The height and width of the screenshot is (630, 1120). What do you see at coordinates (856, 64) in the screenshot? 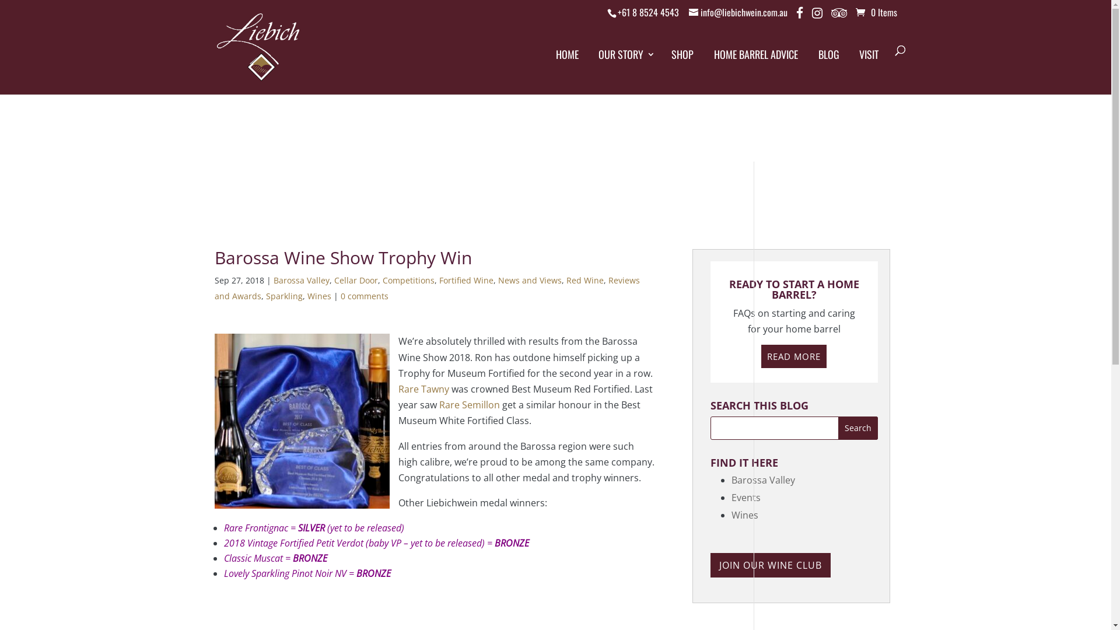
I see `'VISIT'` at bounding box center [856, 64].